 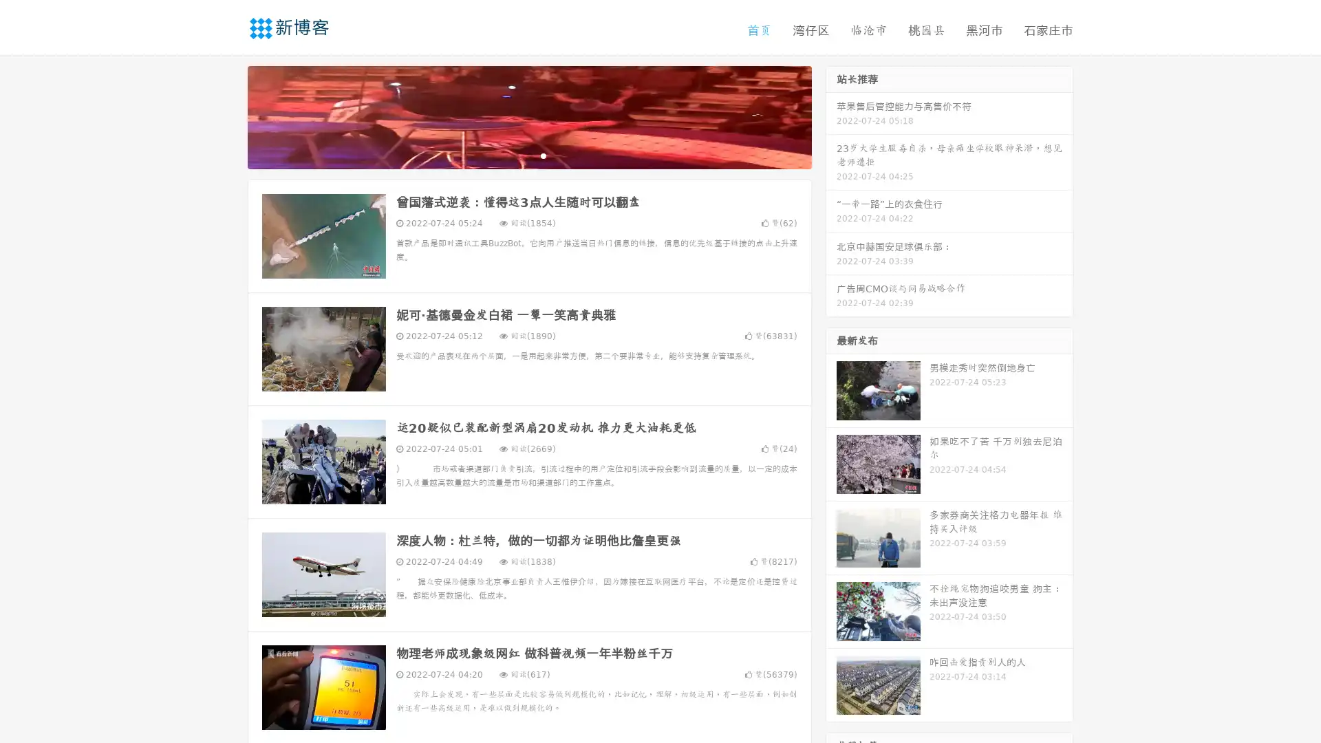 What do you see at coordinates (227, 116) in the screenshot?
I see `Previous slide` at bounding box center [227, 116].